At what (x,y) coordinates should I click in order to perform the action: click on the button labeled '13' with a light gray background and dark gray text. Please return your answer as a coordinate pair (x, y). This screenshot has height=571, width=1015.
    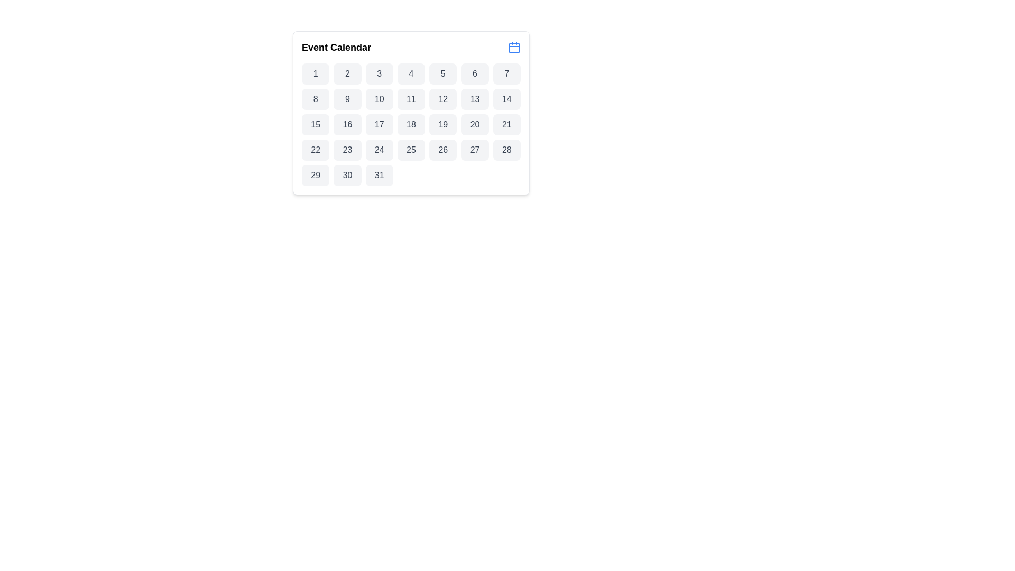
    Looking at the image, I should click on (474, 99).